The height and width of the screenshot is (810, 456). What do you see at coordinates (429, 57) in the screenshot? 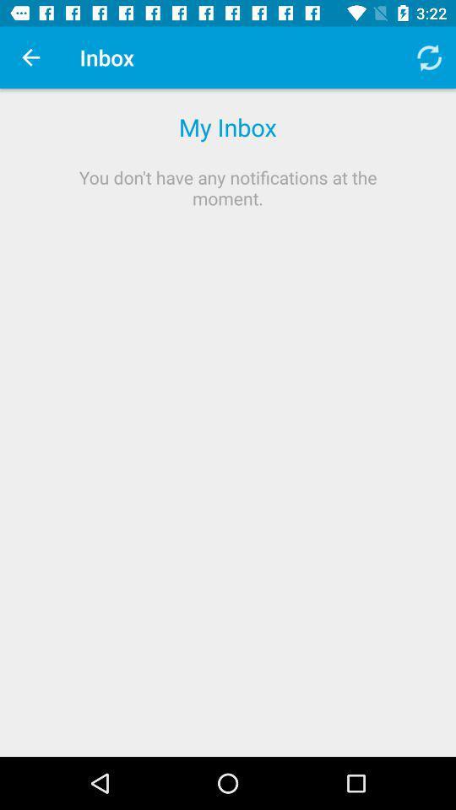
I see `icon next to inbox item` at bounding box center [429, 57].